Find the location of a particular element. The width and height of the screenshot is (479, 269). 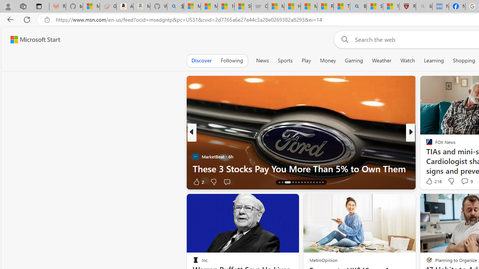

'View comments 5 Comment' is located at coordinates (462, 182).